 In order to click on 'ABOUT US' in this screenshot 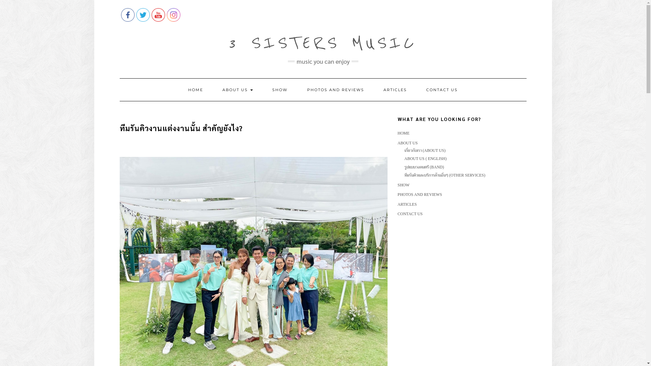, I will do `click(237, 89)`.